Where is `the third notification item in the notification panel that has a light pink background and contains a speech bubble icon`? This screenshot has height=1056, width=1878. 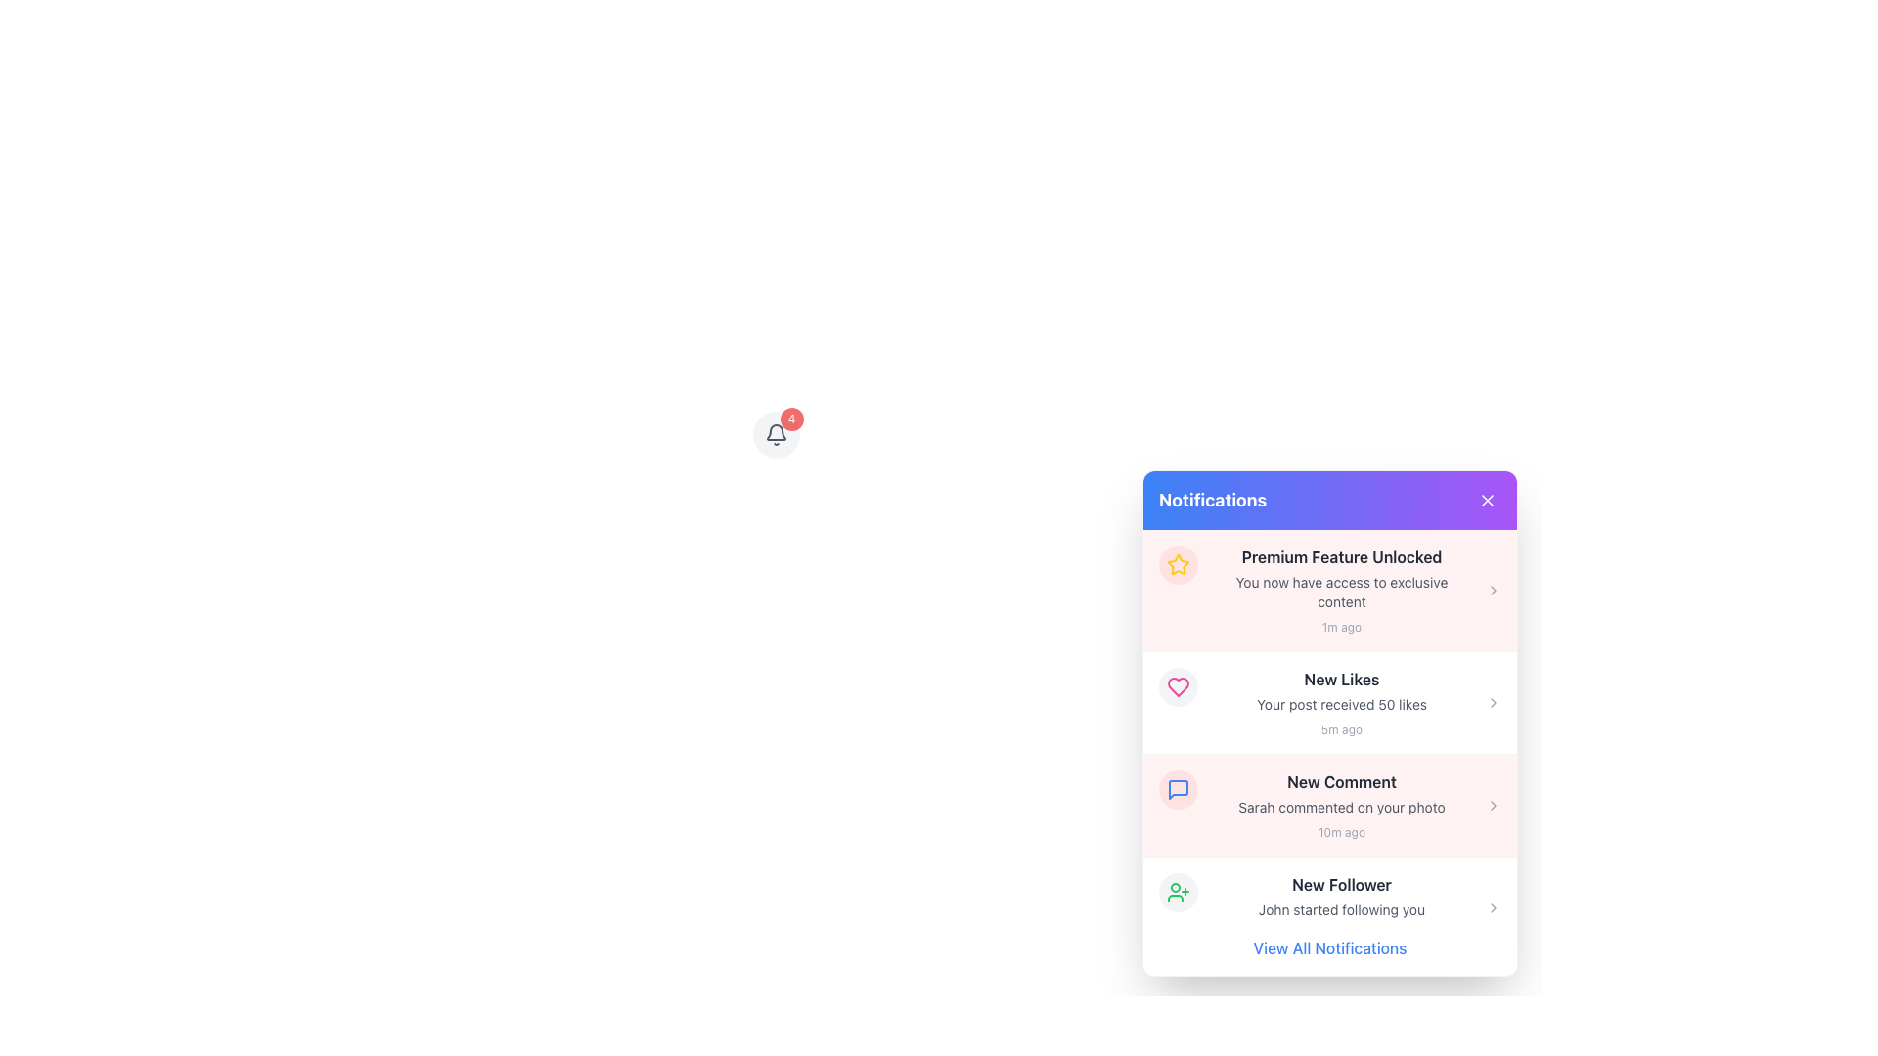 the third notification item in the notification panel that has a light pink background and contains a speech bubble icon is located at coordinates (1329, 806).